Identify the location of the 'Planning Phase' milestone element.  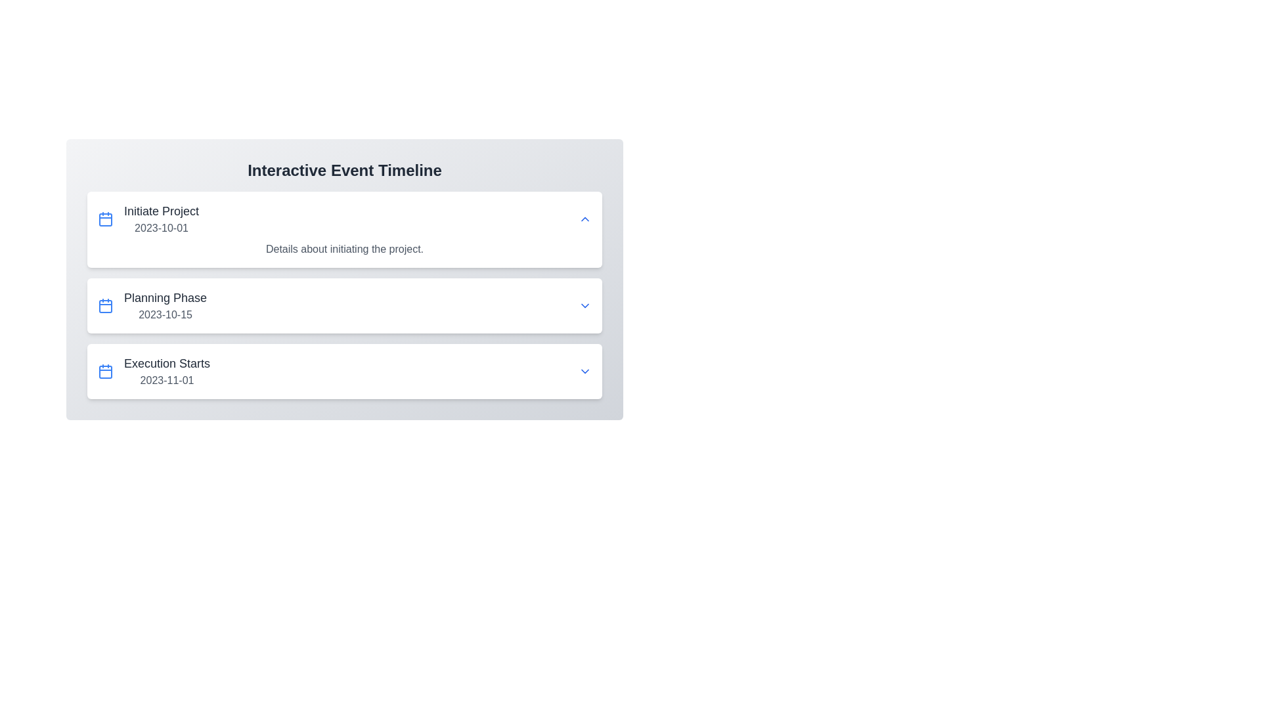
(152, 306).